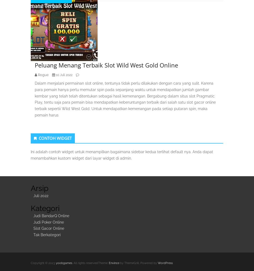 Image resolution: width=254 pixels, height=271 pixels. I want to click on 'WordPress', so click(165, 263).